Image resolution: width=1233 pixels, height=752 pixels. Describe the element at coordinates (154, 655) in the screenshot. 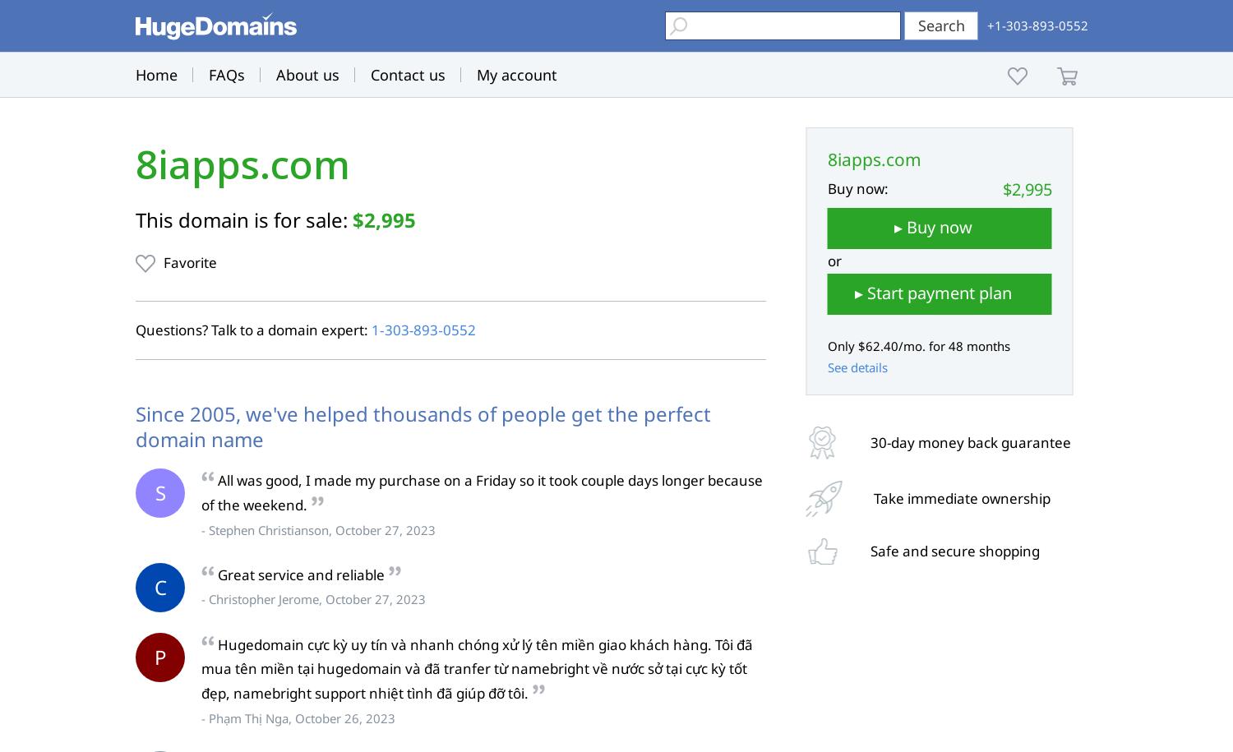

I see `'P'` at that location.